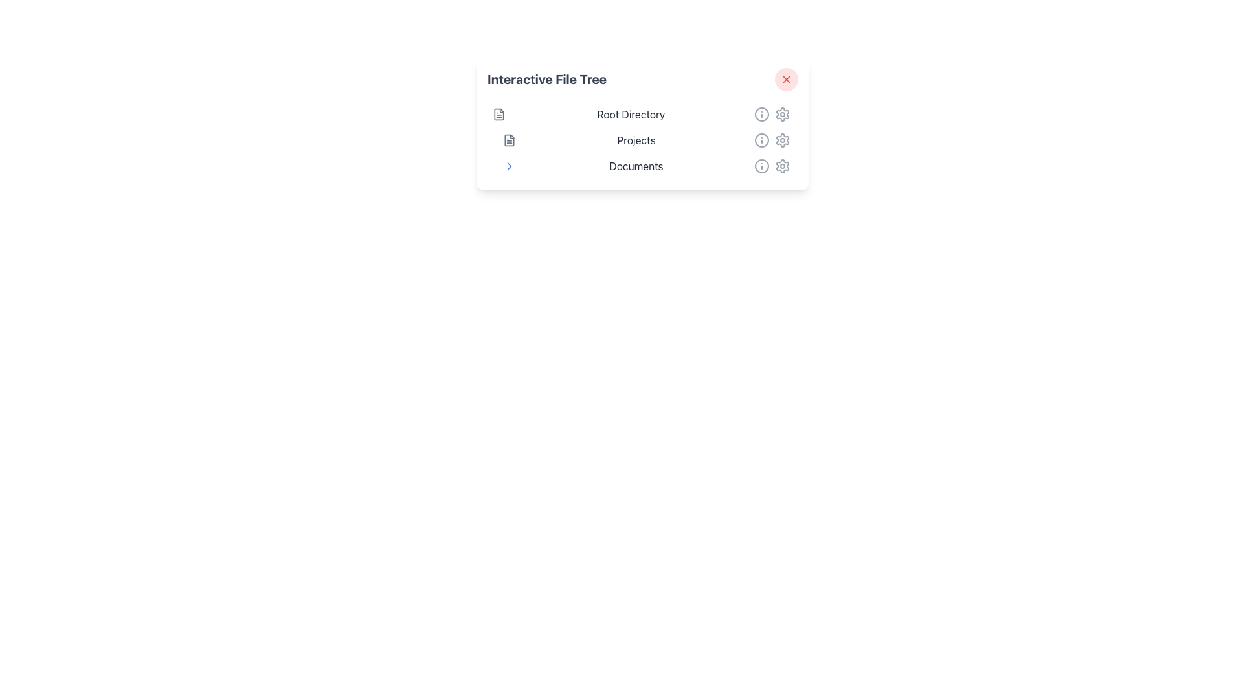 The width and height of the screenshot is (1243, 699). What do you see at coordinates (648, 140) in the screenshot?
I see `the navigational list item labeled 'Projects', which is the second item in a vertical list positioned between 'Root Directory' and 'Documents'` at bounding box center [648, 140].